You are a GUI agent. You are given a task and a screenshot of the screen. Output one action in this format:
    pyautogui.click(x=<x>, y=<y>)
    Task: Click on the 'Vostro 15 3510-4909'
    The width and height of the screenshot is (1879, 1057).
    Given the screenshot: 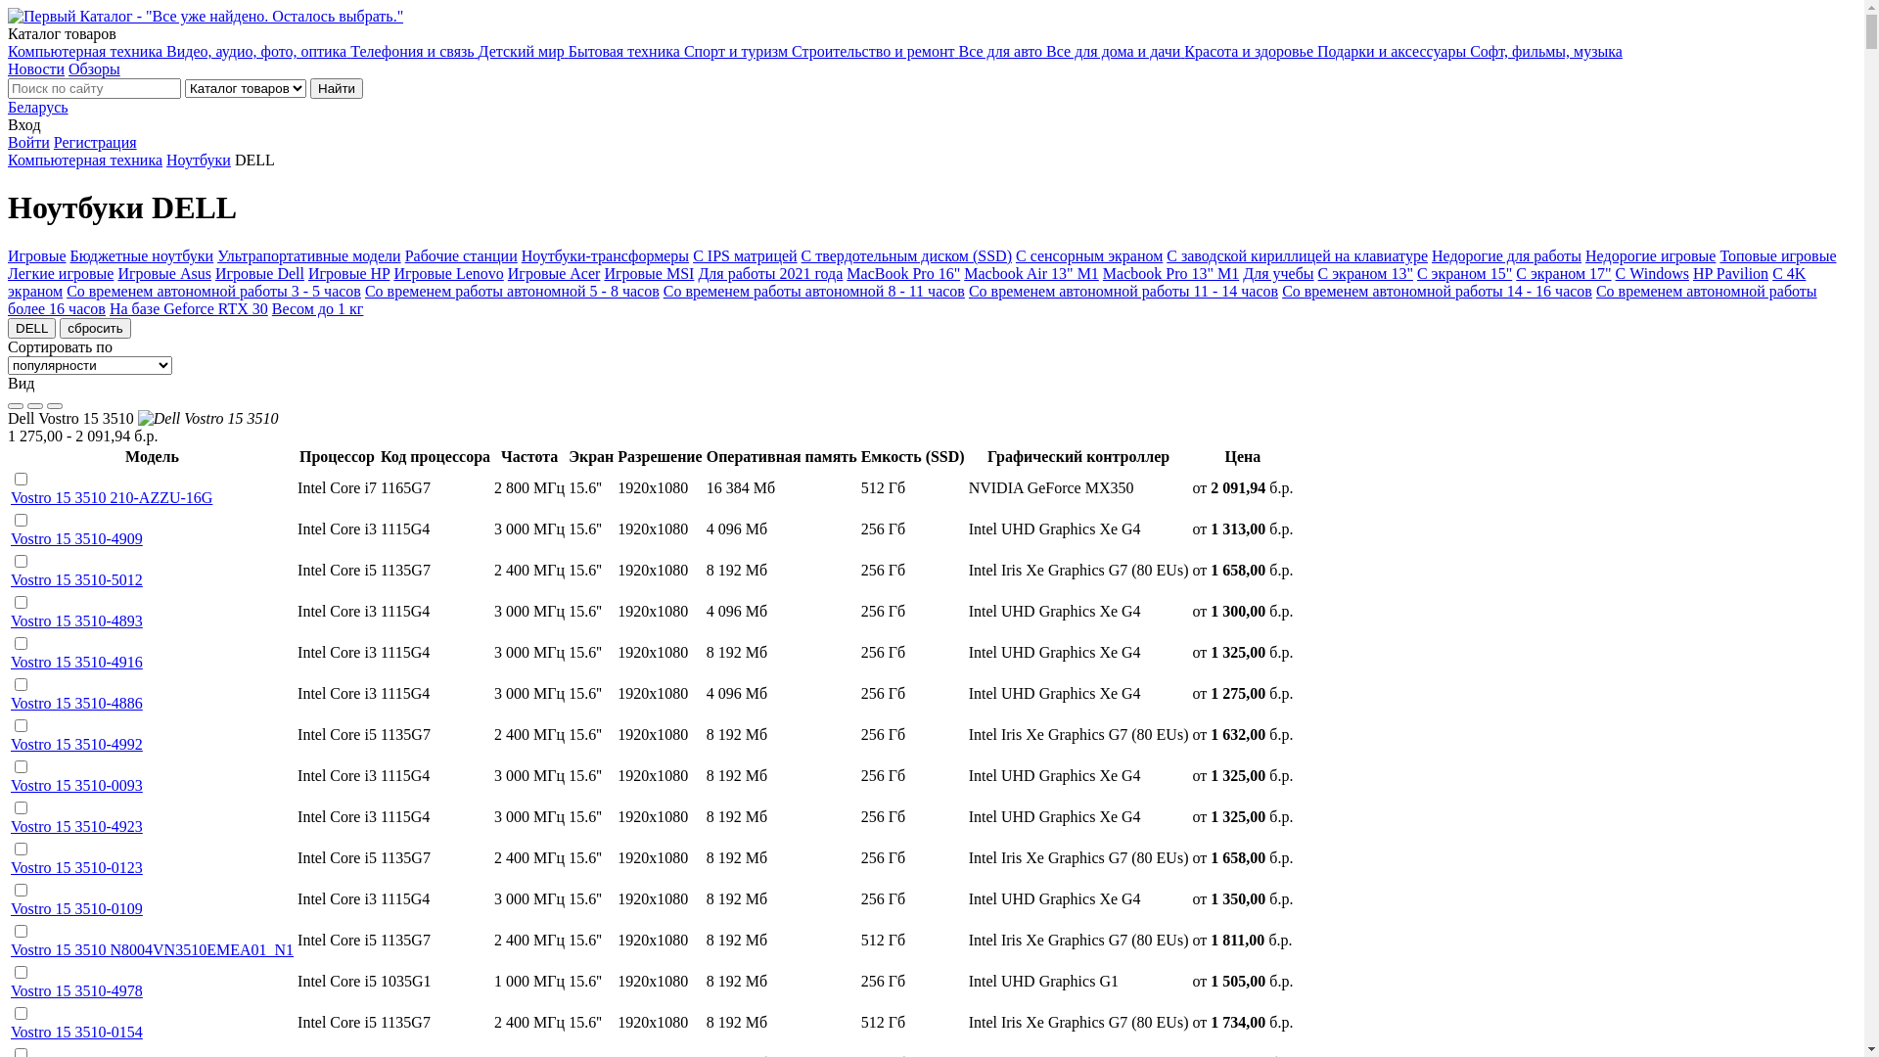 What is the action you would take?
    pyautogui.click(x=76, y=538)
    